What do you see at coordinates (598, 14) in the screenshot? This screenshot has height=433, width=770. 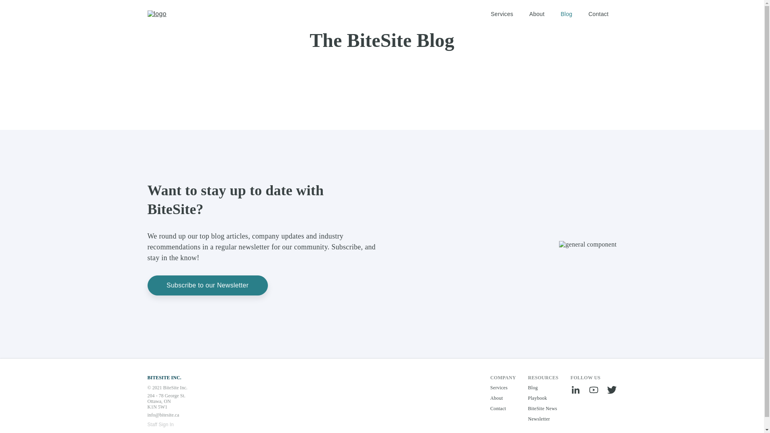 I see `'Contact'` at bounding box center [598, 14].